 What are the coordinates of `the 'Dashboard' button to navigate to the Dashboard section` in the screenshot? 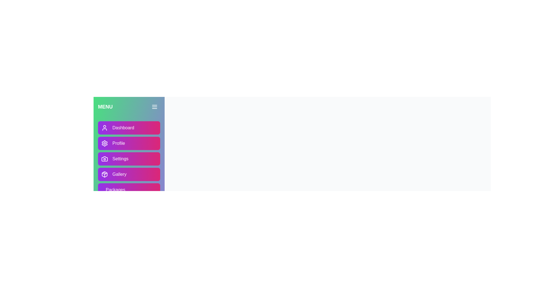 It's located at (129, 128).